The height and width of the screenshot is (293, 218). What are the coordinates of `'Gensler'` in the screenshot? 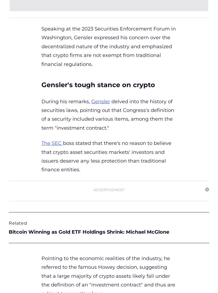 It's located at (100, 101).